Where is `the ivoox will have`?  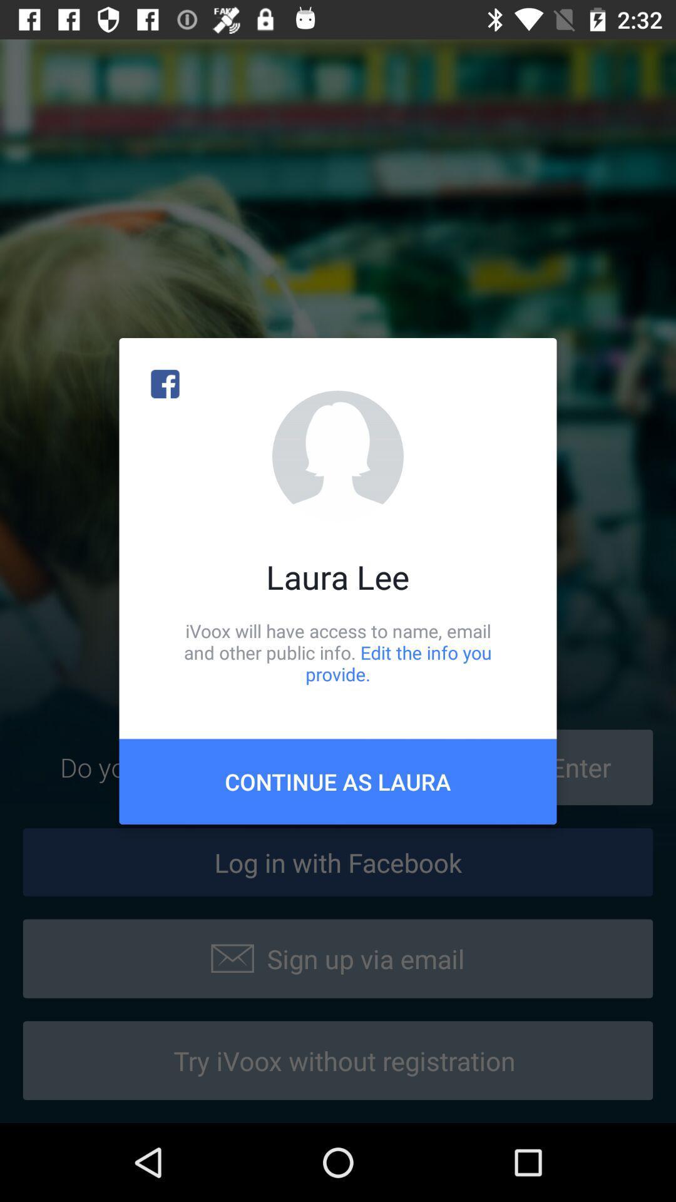
the ivoox will have is located at coordinates (338, 652).